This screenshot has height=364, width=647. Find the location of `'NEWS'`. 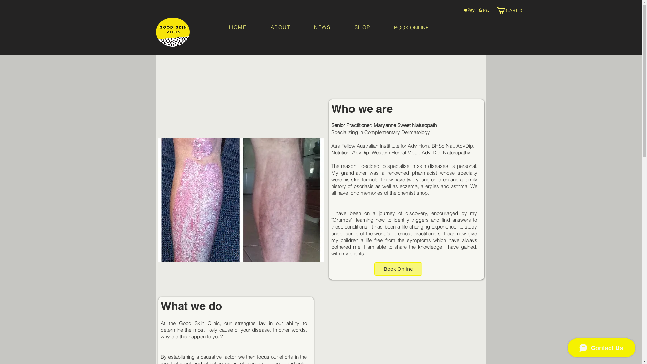

'NEWS' is located at coordinates (322, 27).